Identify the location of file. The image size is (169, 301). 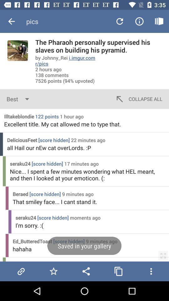
(21, 271).